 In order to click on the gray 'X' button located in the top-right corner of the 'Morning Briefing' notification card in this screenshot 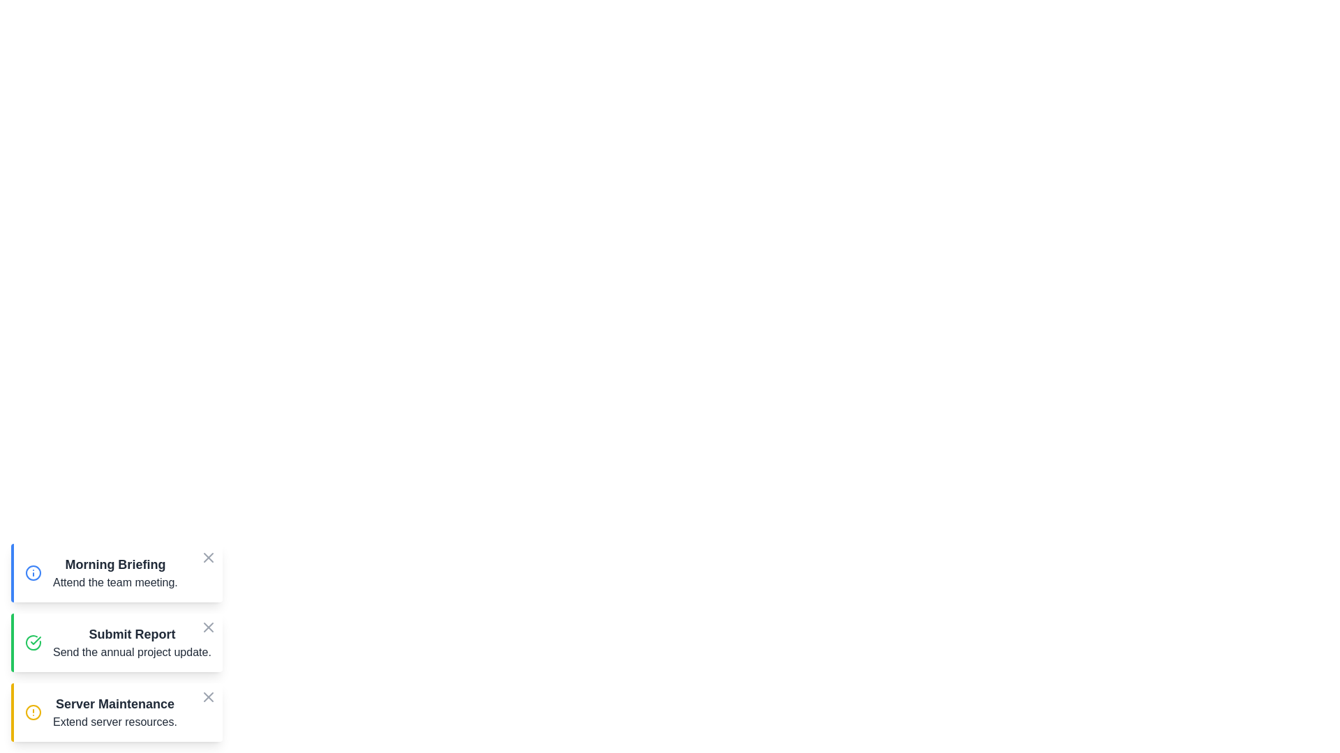, I will do `click(207, 556)`.